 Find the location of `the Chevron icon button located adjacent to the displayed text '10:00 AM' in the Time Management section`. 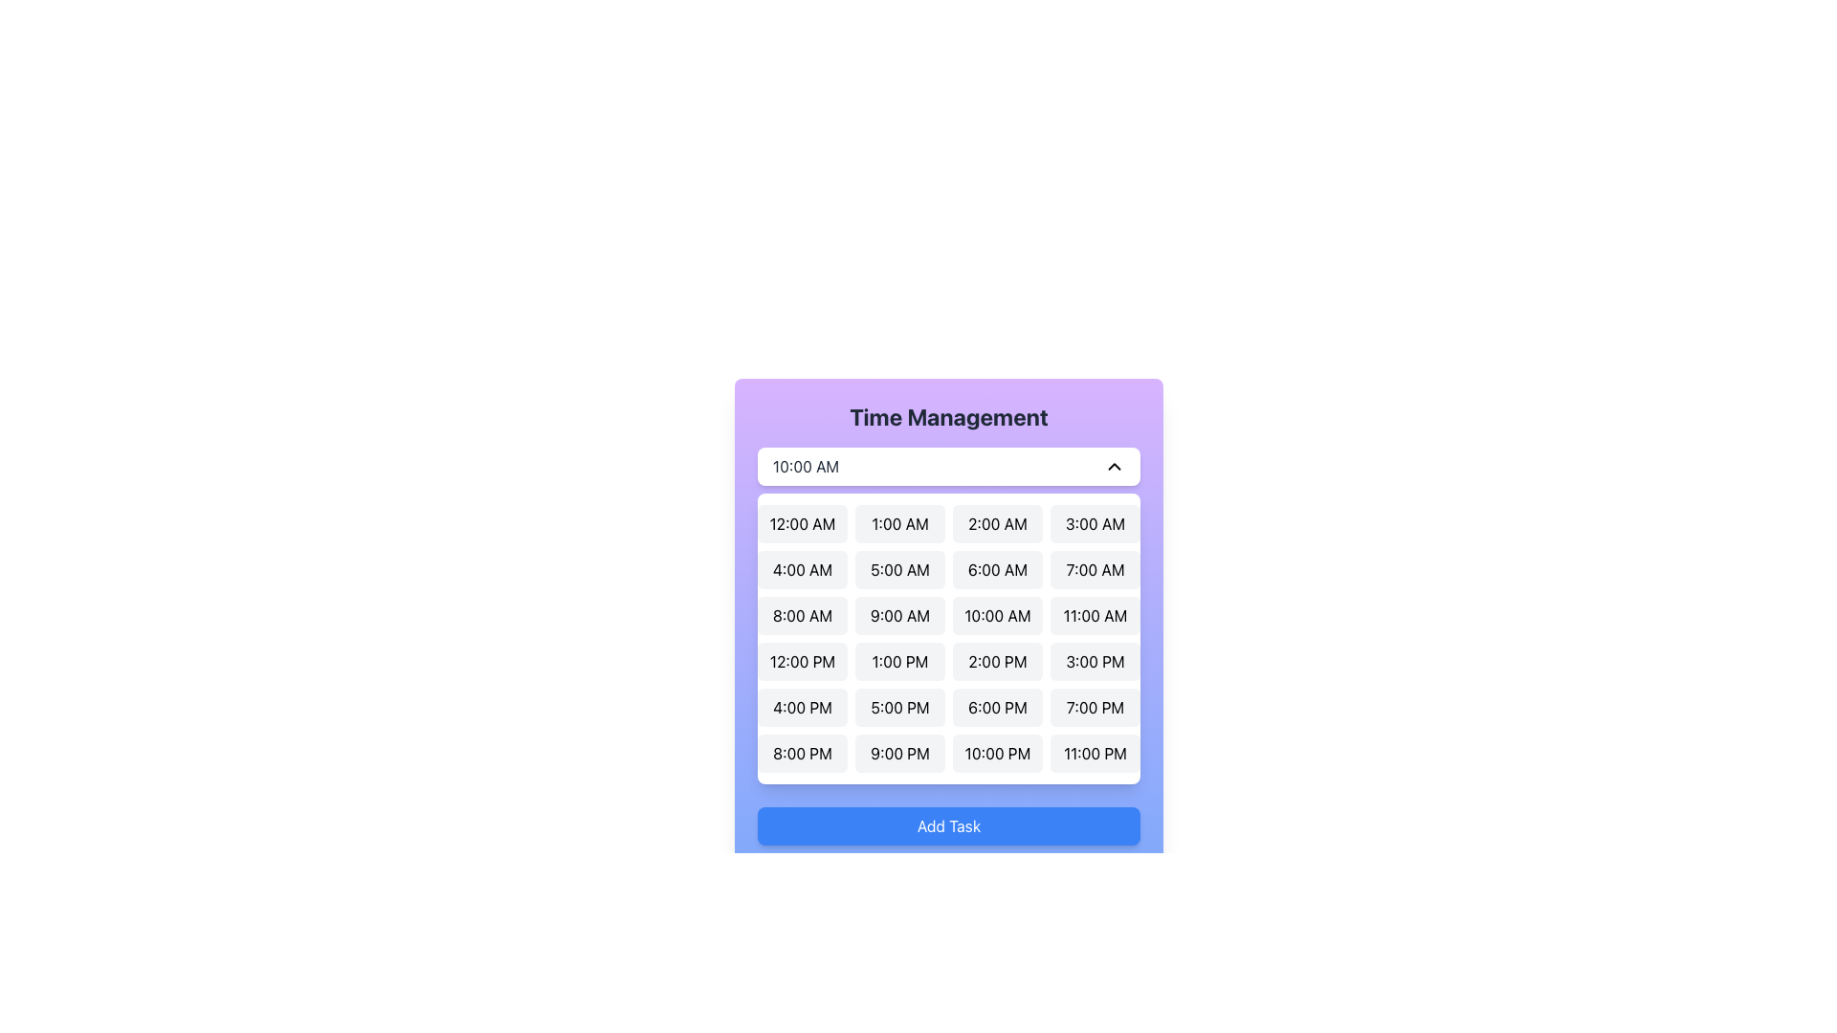

the Chevron icon button located adjacent to the displayed text '10:00 AM' in the Time Management section is located at coordinates (1115, 467).